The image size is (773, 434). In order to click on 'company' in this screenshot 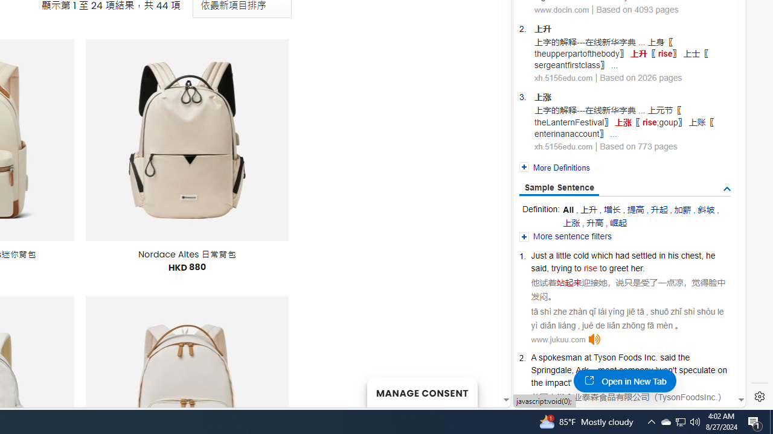, I will do `click(635, 370)`.